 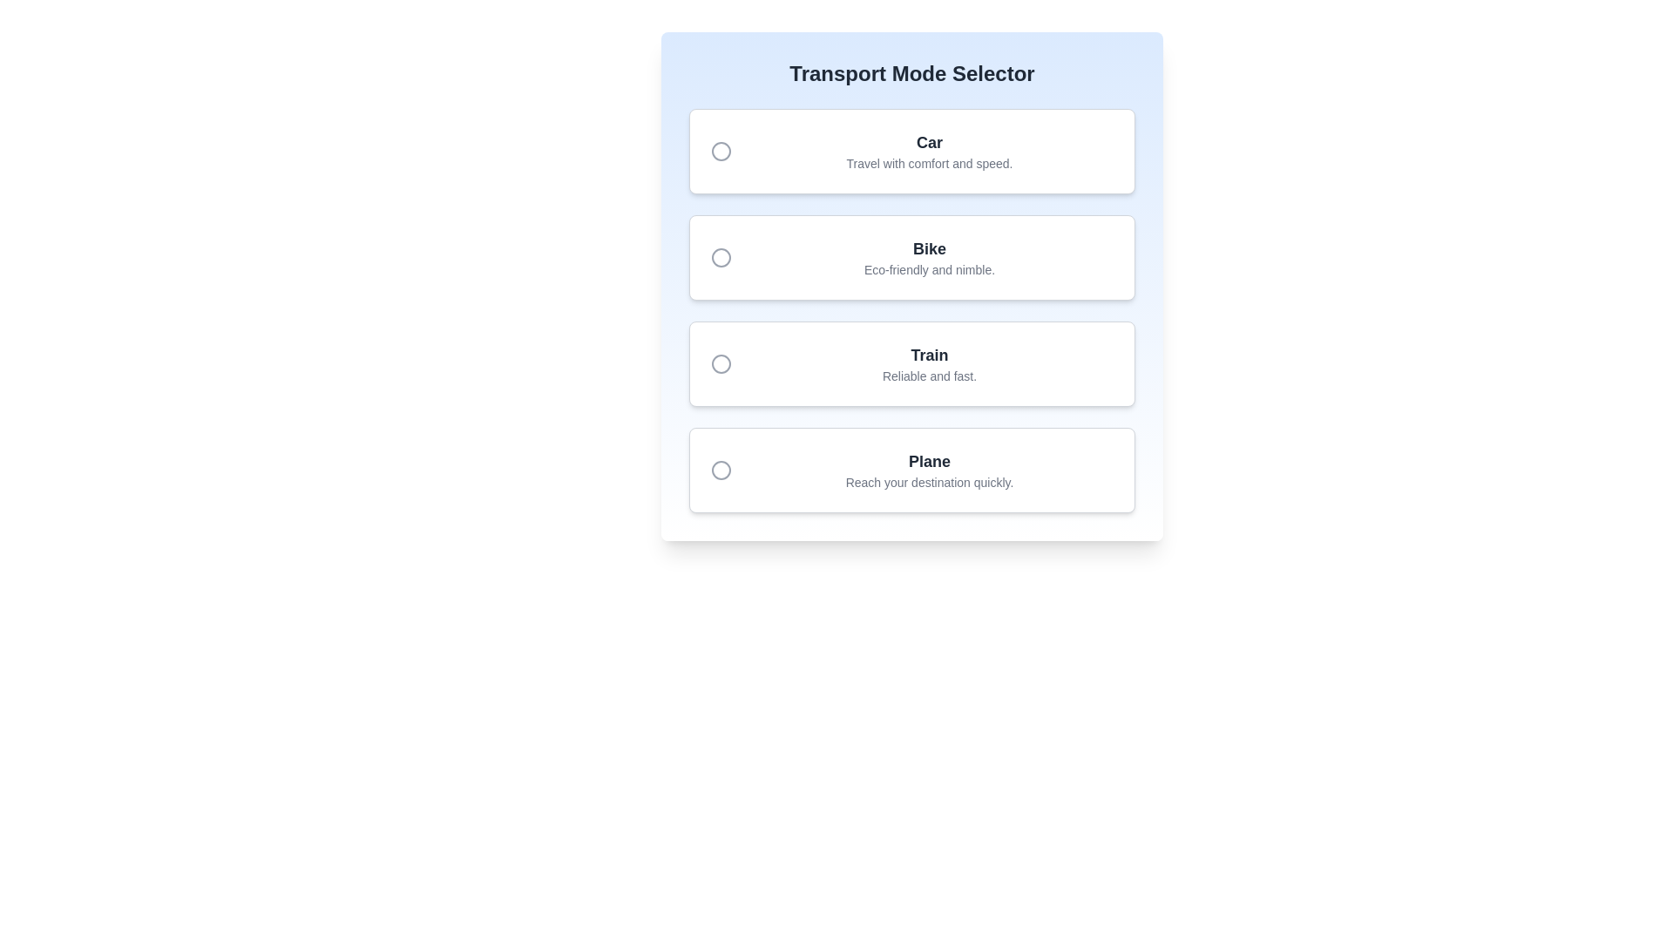 What do you see at coordinates (911, 362) in the screenshot?
I see `the third selectable option for the transport mode, which describes a train service` at bounding box center [911, 362].